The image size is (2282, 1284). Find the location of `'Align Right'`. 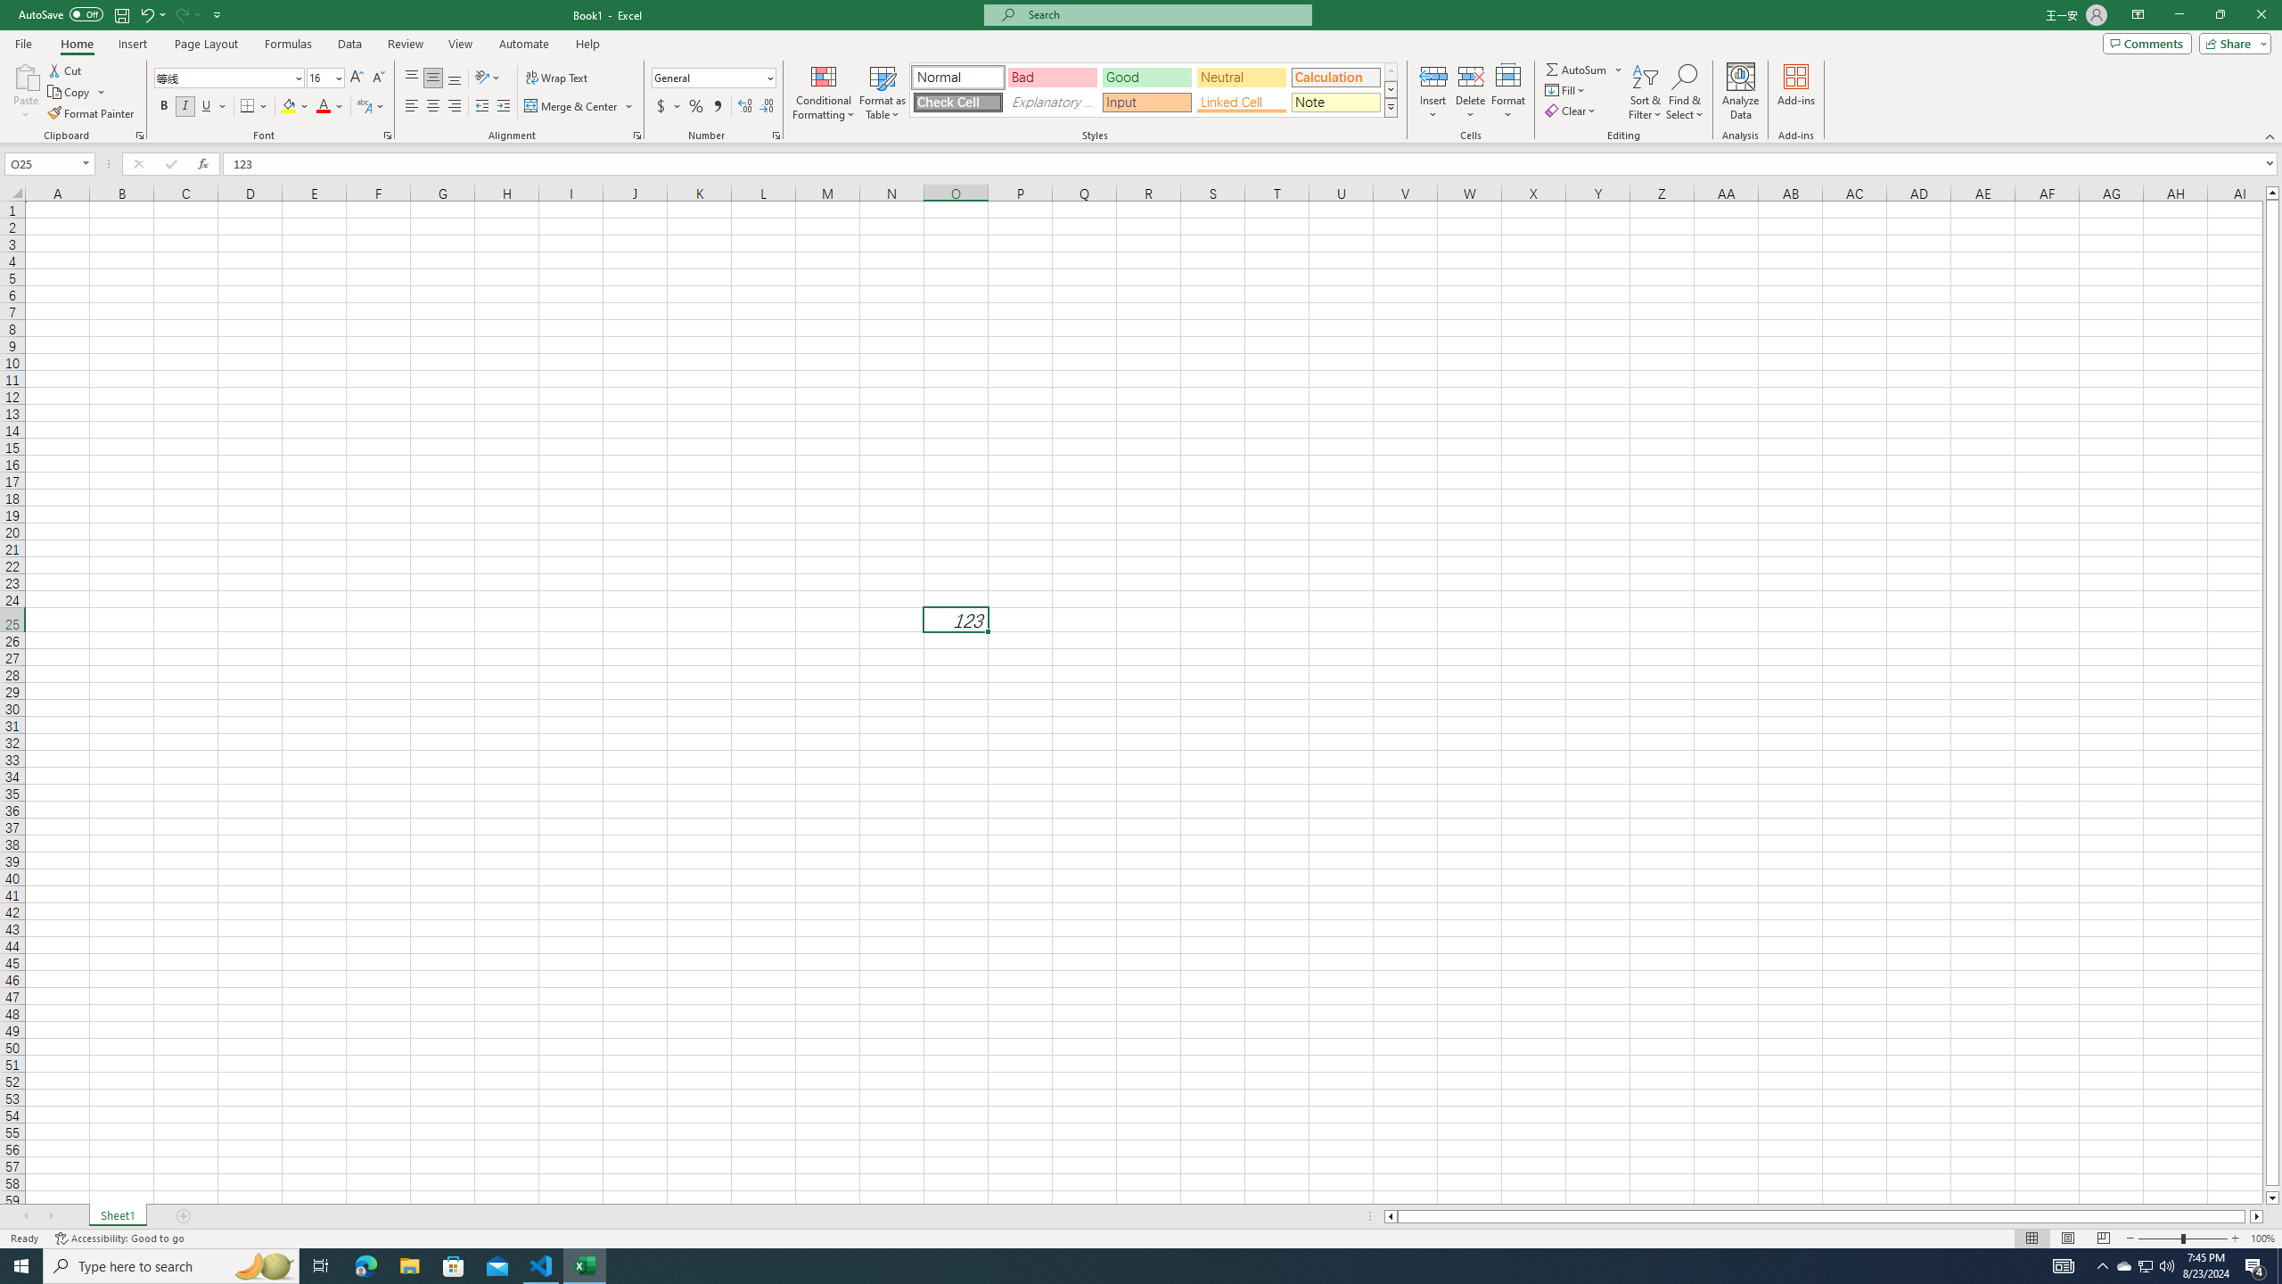

'Align Right' is located at coordinates (454, 105).